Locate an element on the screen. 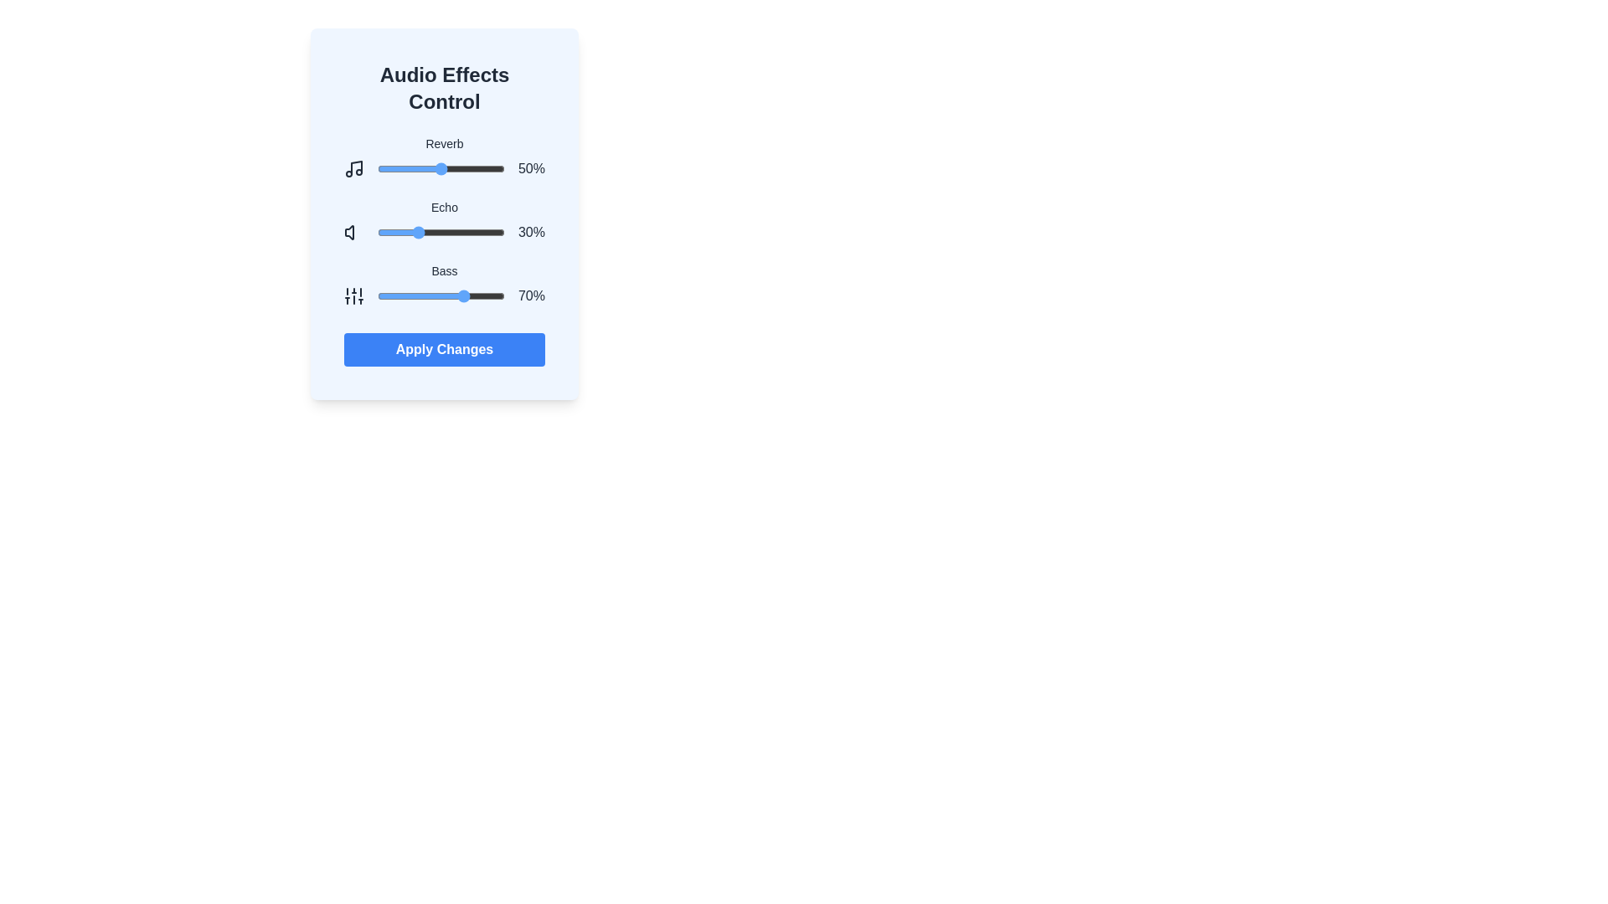 Image resolution: width=1608 pixels, height=904 pixels. the echo effect level is located at coordinates (427, 232).